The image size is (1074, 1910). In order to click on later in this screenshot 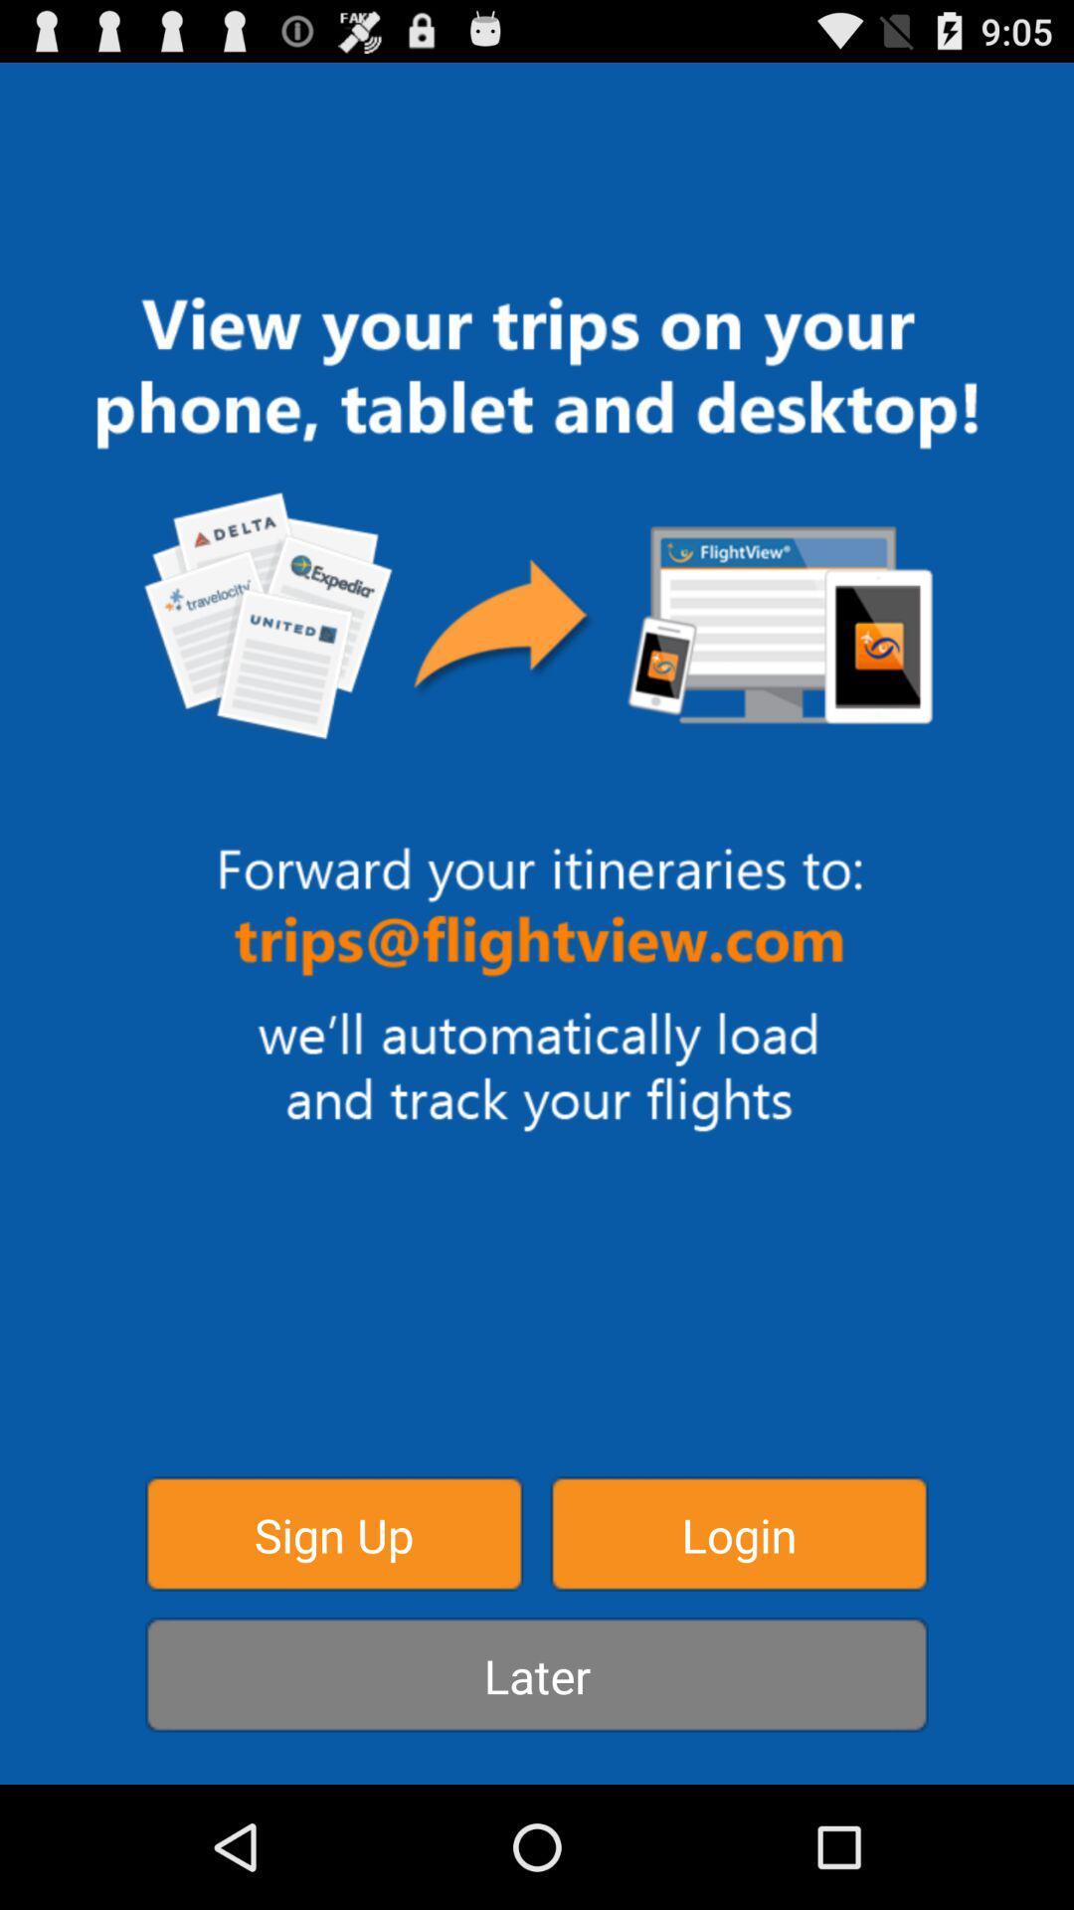, I will do `click(537, 1673)`.